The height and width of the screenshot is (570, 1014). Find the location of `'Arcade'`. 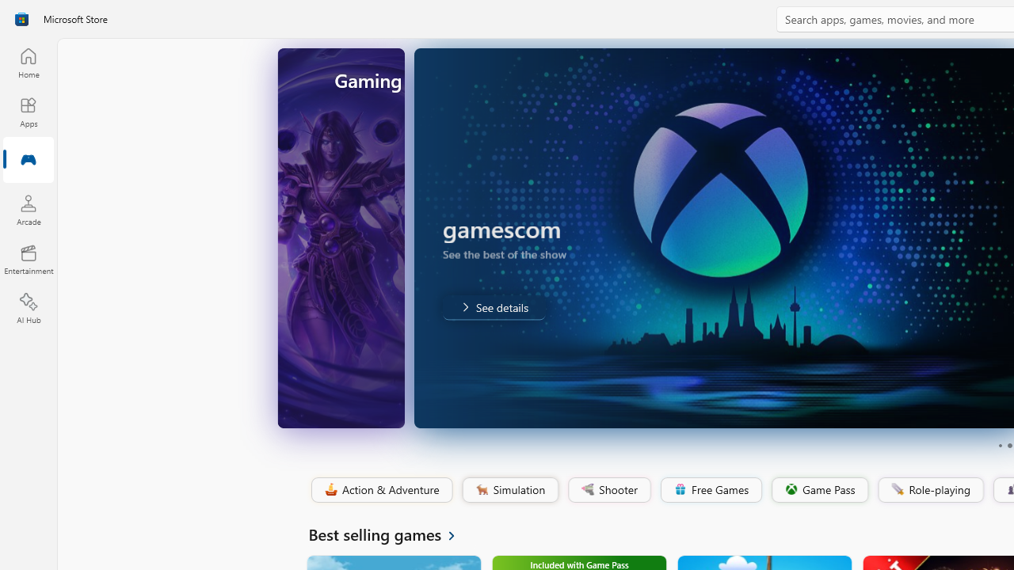

'Arcade' is located at coordinates (28, 209).